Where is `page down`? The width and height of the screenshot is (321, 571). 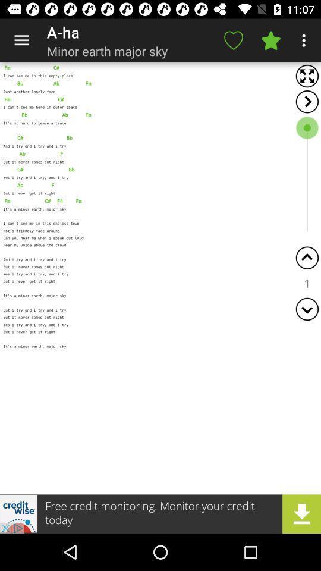 page down is located at coordinates (307, 308).